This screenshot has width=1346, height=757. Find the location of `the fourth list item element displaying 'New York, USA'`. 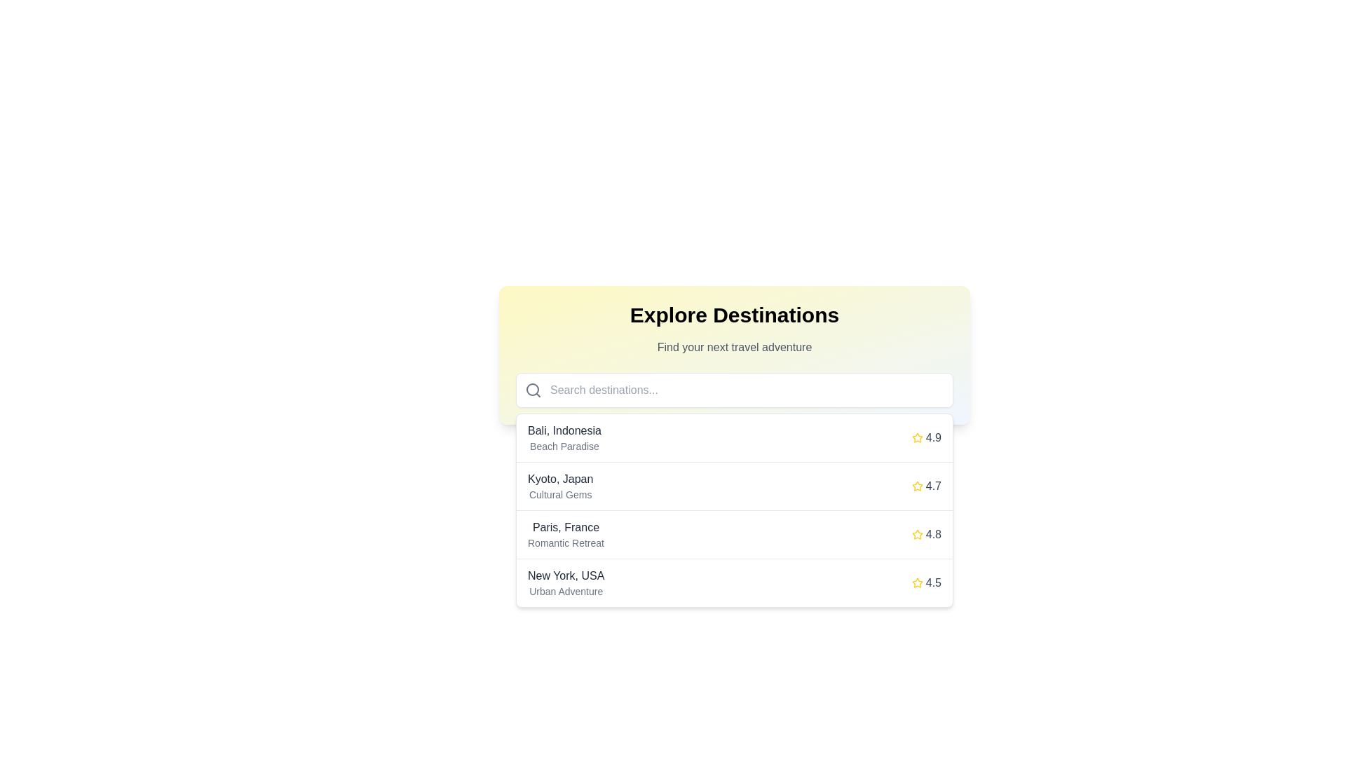

the fourth list item element displaying 'New York, USA' is located at coordinates (733, 583).